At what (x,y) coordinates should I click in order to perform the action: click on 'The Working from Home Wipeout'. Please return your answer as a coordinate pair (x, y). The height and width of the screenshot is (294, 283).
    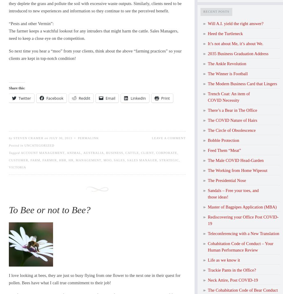
    Looking at the image, I should click on (238, 170).